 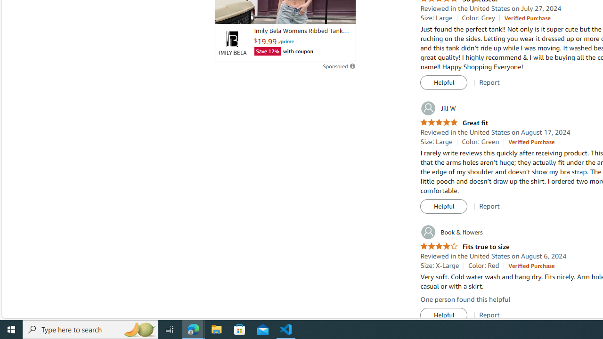 I want to click on 'Report', so click(x=489, y=315).